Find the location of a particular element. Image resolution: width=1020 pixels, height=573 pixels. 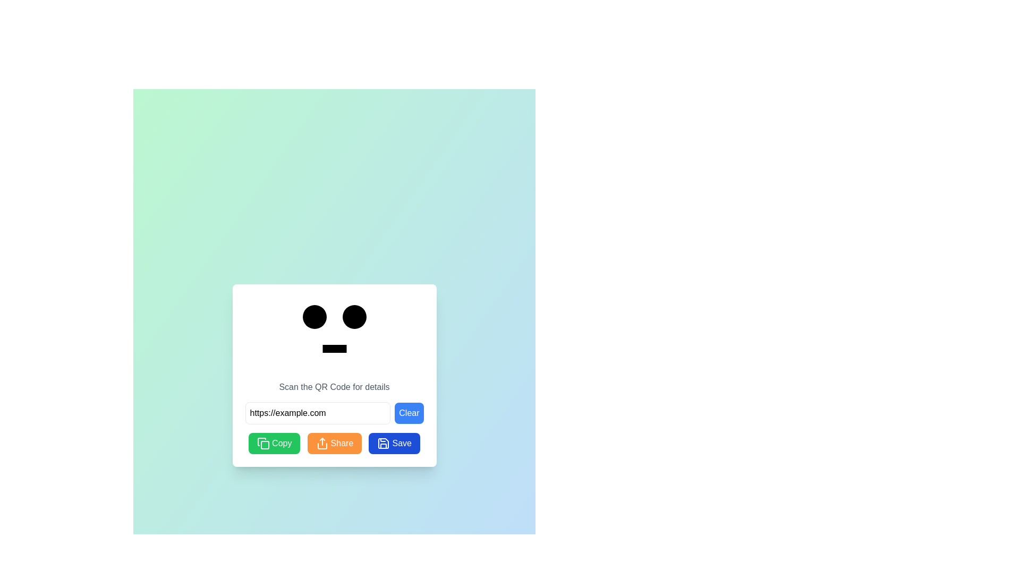

the floppy disk icon within the blue 'Save' button located at the bottom-right corner of the white card interface is located at coordinates (383, 444).